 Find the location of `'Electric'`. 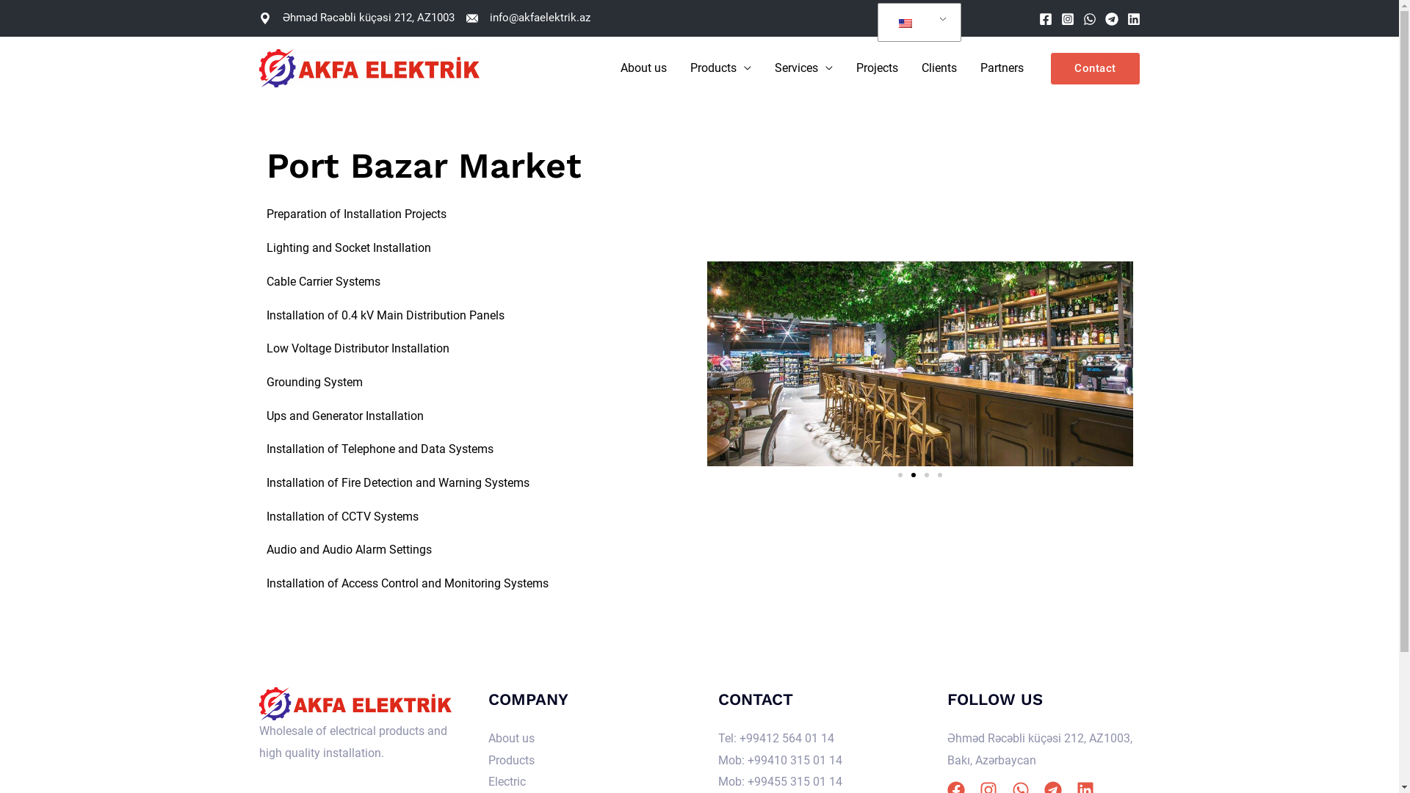

'Electric' is located at coordinates (507, 781).